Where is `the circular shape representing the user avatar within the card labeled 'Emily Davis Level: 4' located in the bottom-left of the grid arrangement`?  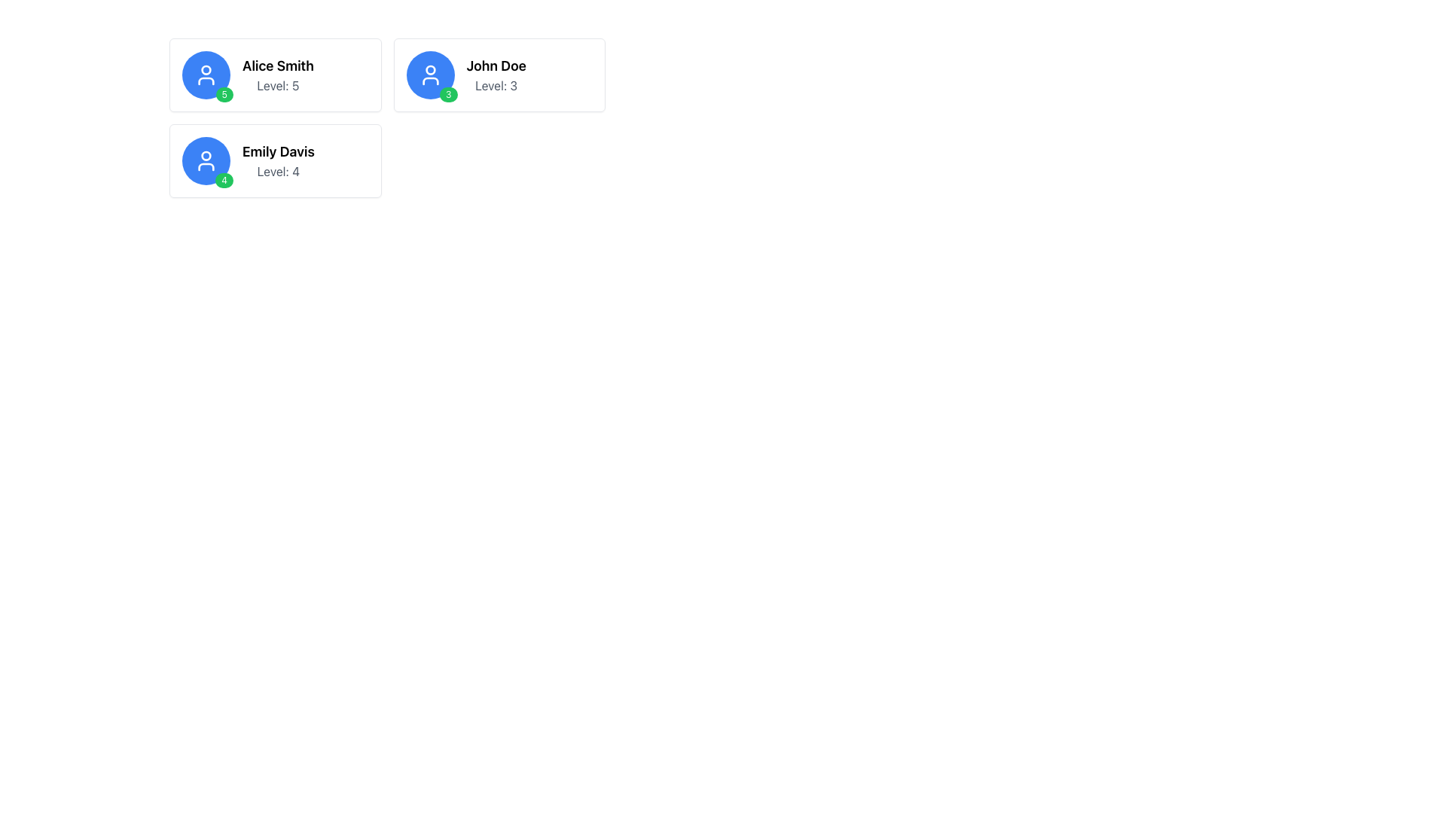 the circular shape representing the user avatar within the card labeled 'Emily Davis Level: 4' located in the bottom-left of the grid arrangement is located at coordinates (205, 156).